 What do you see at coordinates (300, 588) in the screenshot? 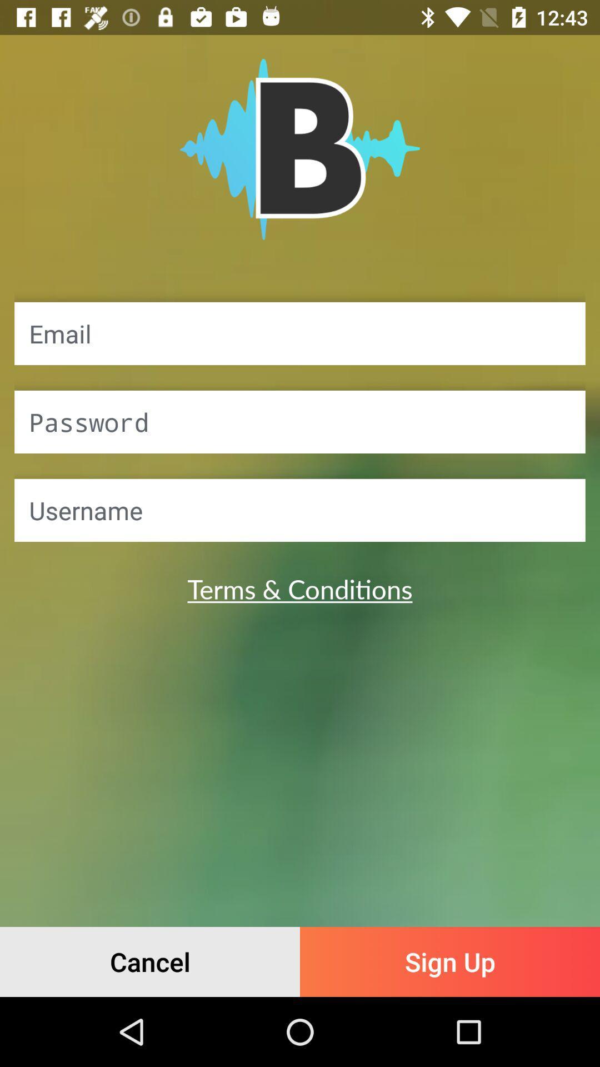
I see `item above cancel icon` at bounding box center [300, 588].